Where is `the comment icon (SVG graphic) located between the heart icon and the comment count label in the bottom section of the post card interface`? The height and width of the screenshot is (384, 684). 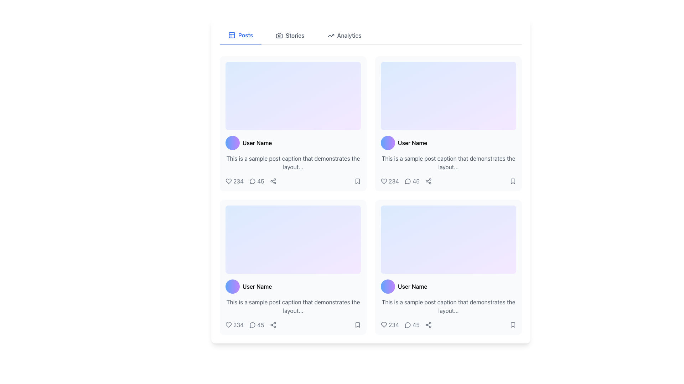 the comment icon (SVG graphic) located between the heart icon and the comment count label in the bottom section of the post card interface is located at coordinates (252, 181).